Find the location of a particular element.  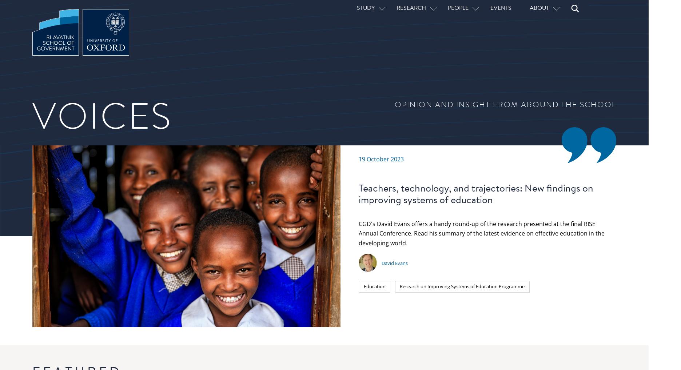

'Service provision in fragile and conflict-affected states: The role of outcomes-based contracts' is located at coordinates (115, 284).